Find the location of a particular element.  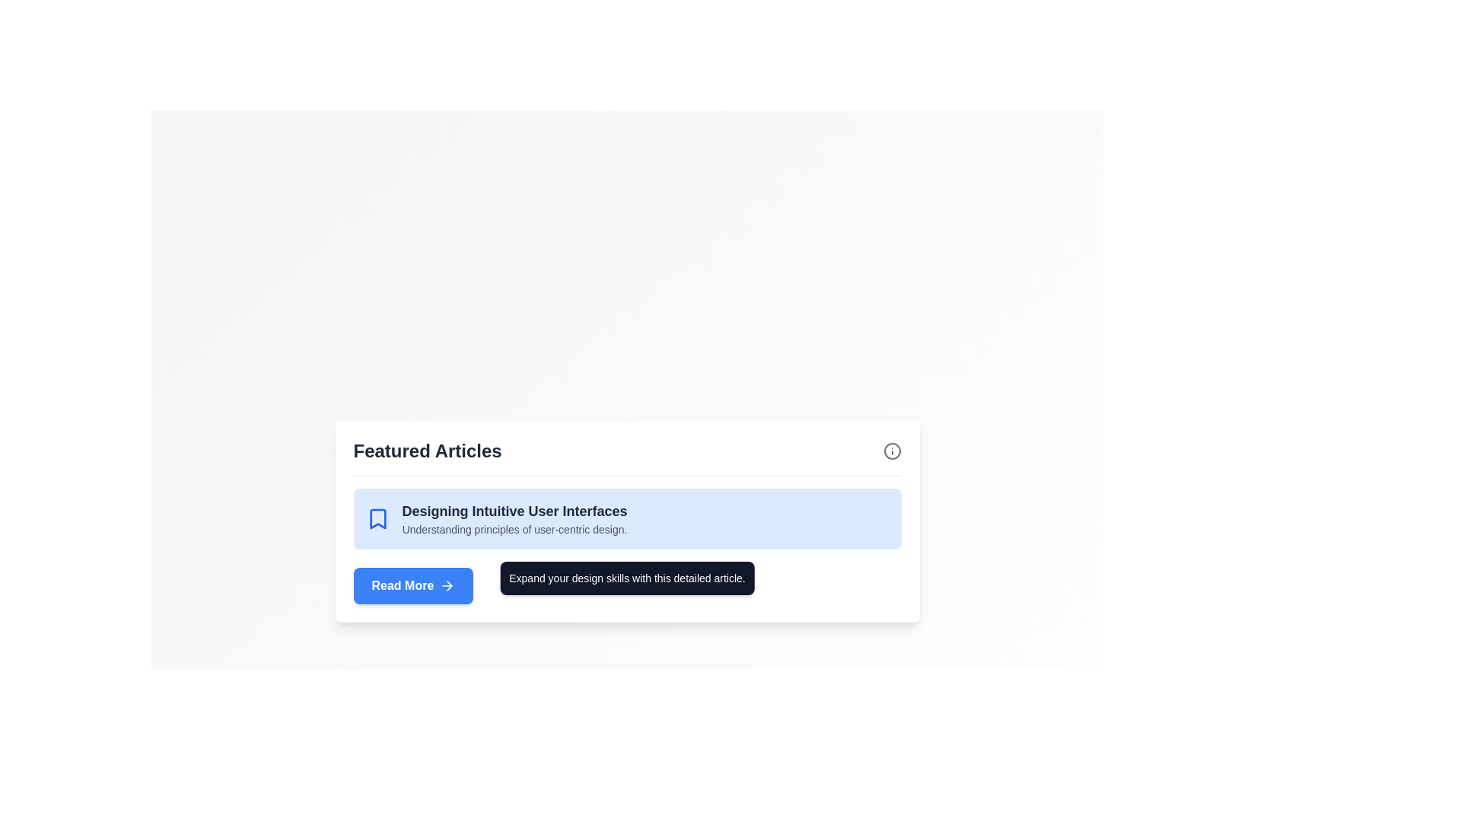

article summary displayed in the informational block titled 'Designing Intuitive User Interfaces' within the 'Featured Articles' section is located at coordinates (627, 545).